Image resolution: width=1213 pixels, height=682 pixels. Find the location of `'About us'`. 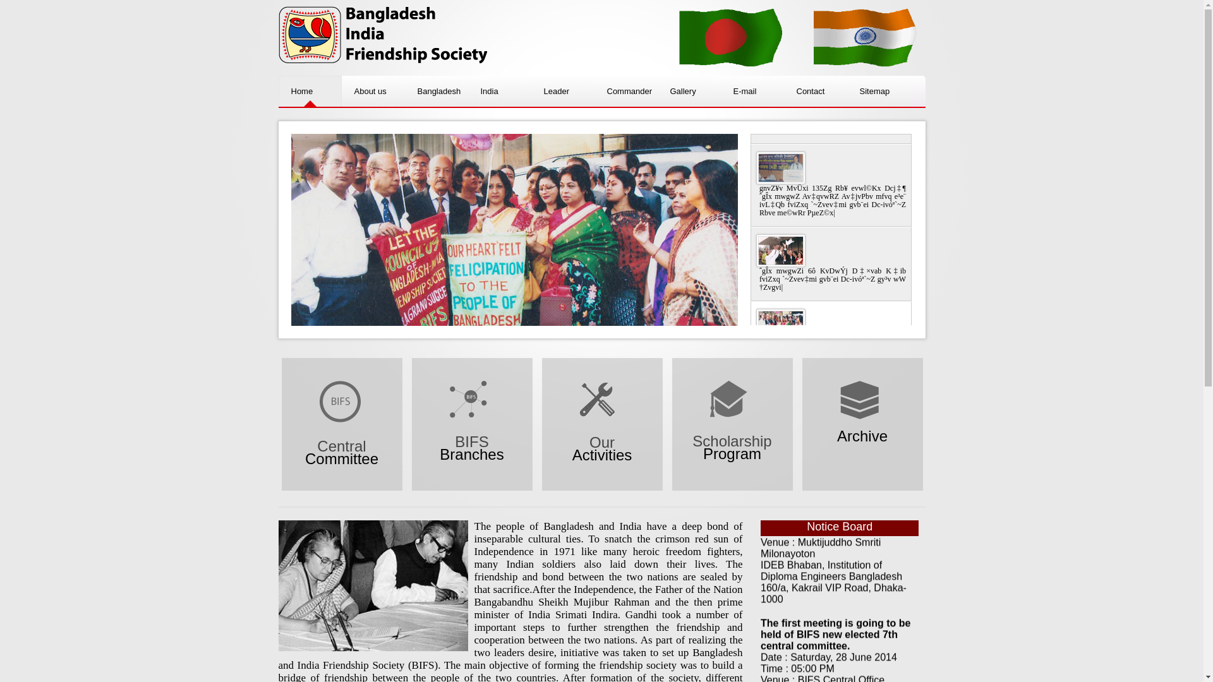

'About us' is located at coordinates (372, 90).